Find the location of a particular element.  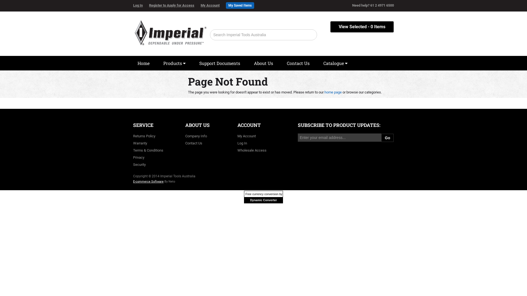

'Terms & Conditions' is located at coordinates (133, 150).